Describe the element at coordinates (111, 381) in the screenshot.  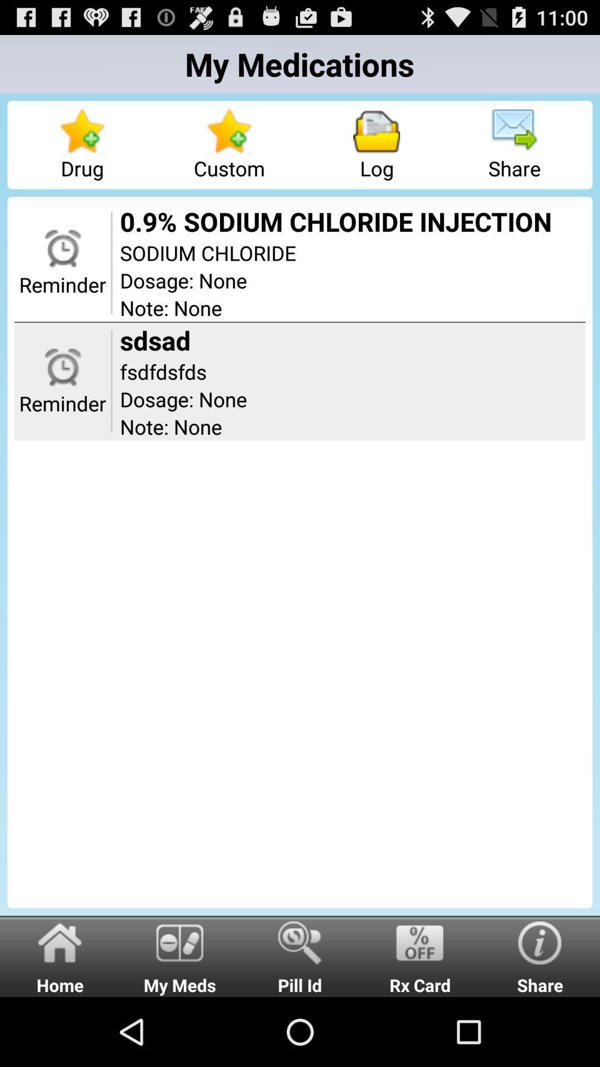
I see `the icon next to sdsad` at that location.